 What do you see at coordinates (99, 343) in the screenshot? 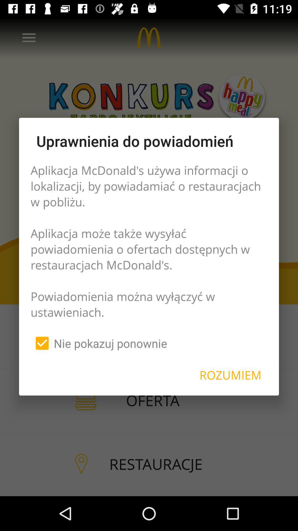
I see `the icon below aplikacja mcdonald s` at bounding box center [99, 343].